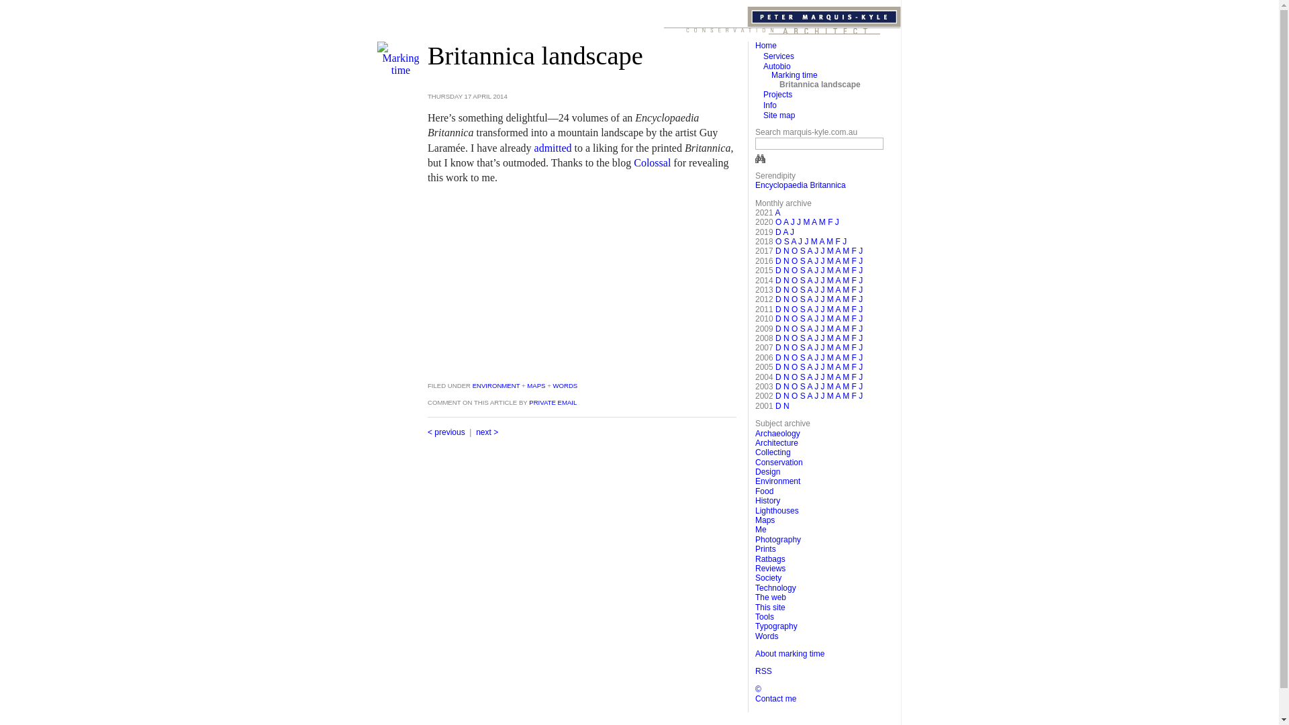  What do you see at coordinates (837, 240) in the screenshot?
I see `'F'` at bounding box center [837, 240].